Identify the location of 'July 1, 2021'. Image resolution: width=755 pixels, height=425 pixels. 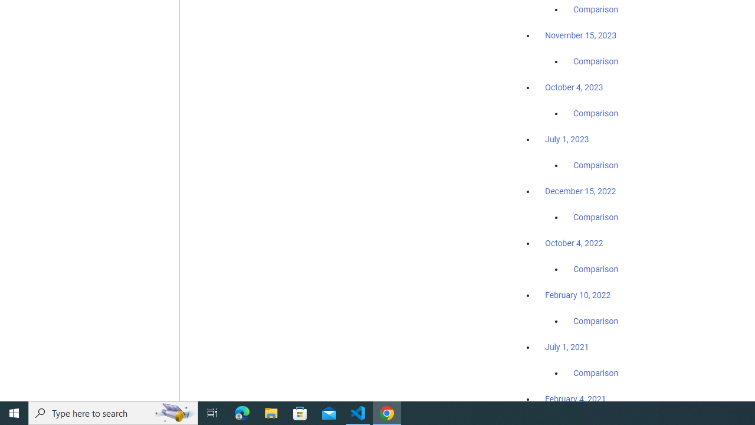
(567, 346).